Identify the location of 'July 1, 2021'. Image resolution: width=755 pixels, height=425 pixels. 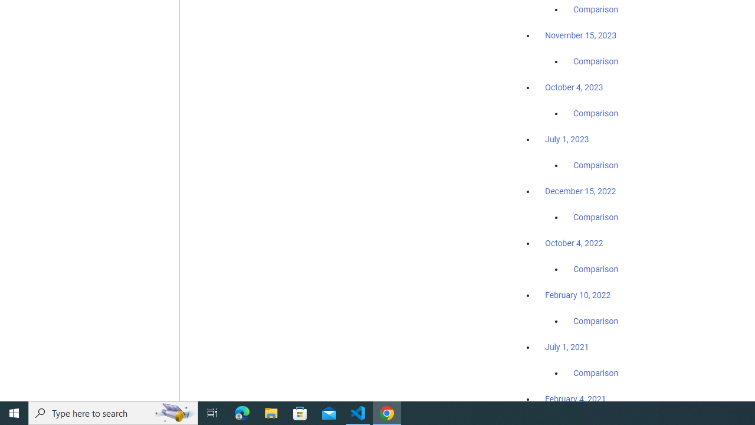
(567, 346).